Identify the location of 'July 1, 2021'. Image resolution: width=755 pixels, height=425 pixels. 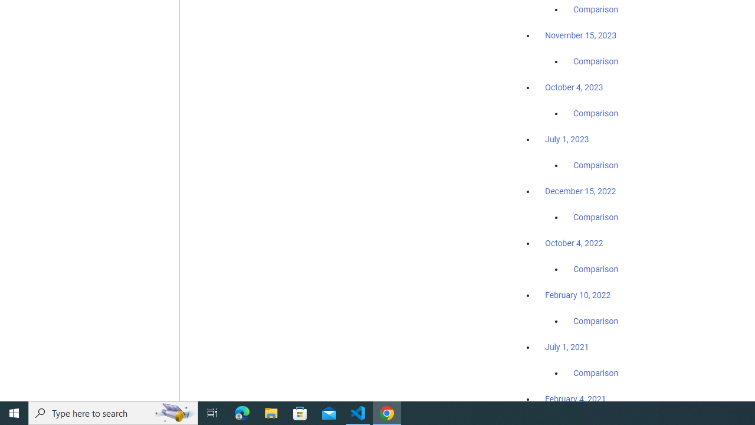
(567, 346).